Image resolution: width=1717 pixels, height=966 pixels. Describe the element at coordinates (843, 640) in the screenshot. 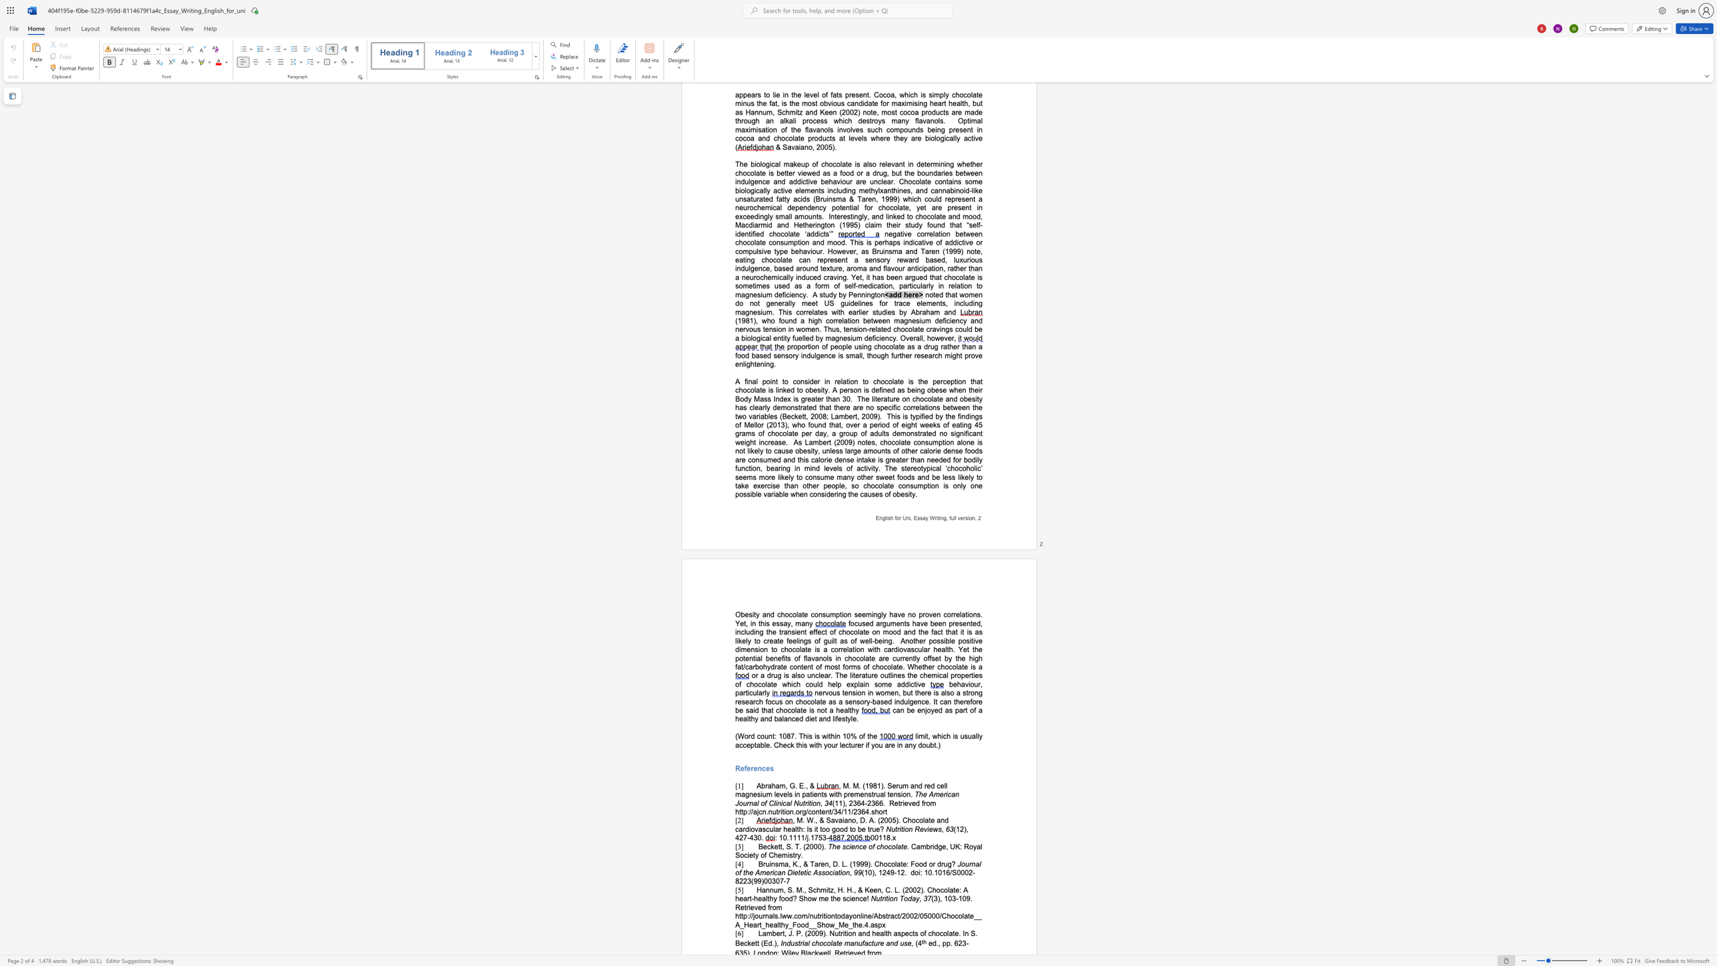

I see `the subset text "s of well-bei" within the text "focused arguments have been presented, including the transient effect of chocolate on mood and the fact that it is as likely to create feelings of guilt as of well-being"` at that location.